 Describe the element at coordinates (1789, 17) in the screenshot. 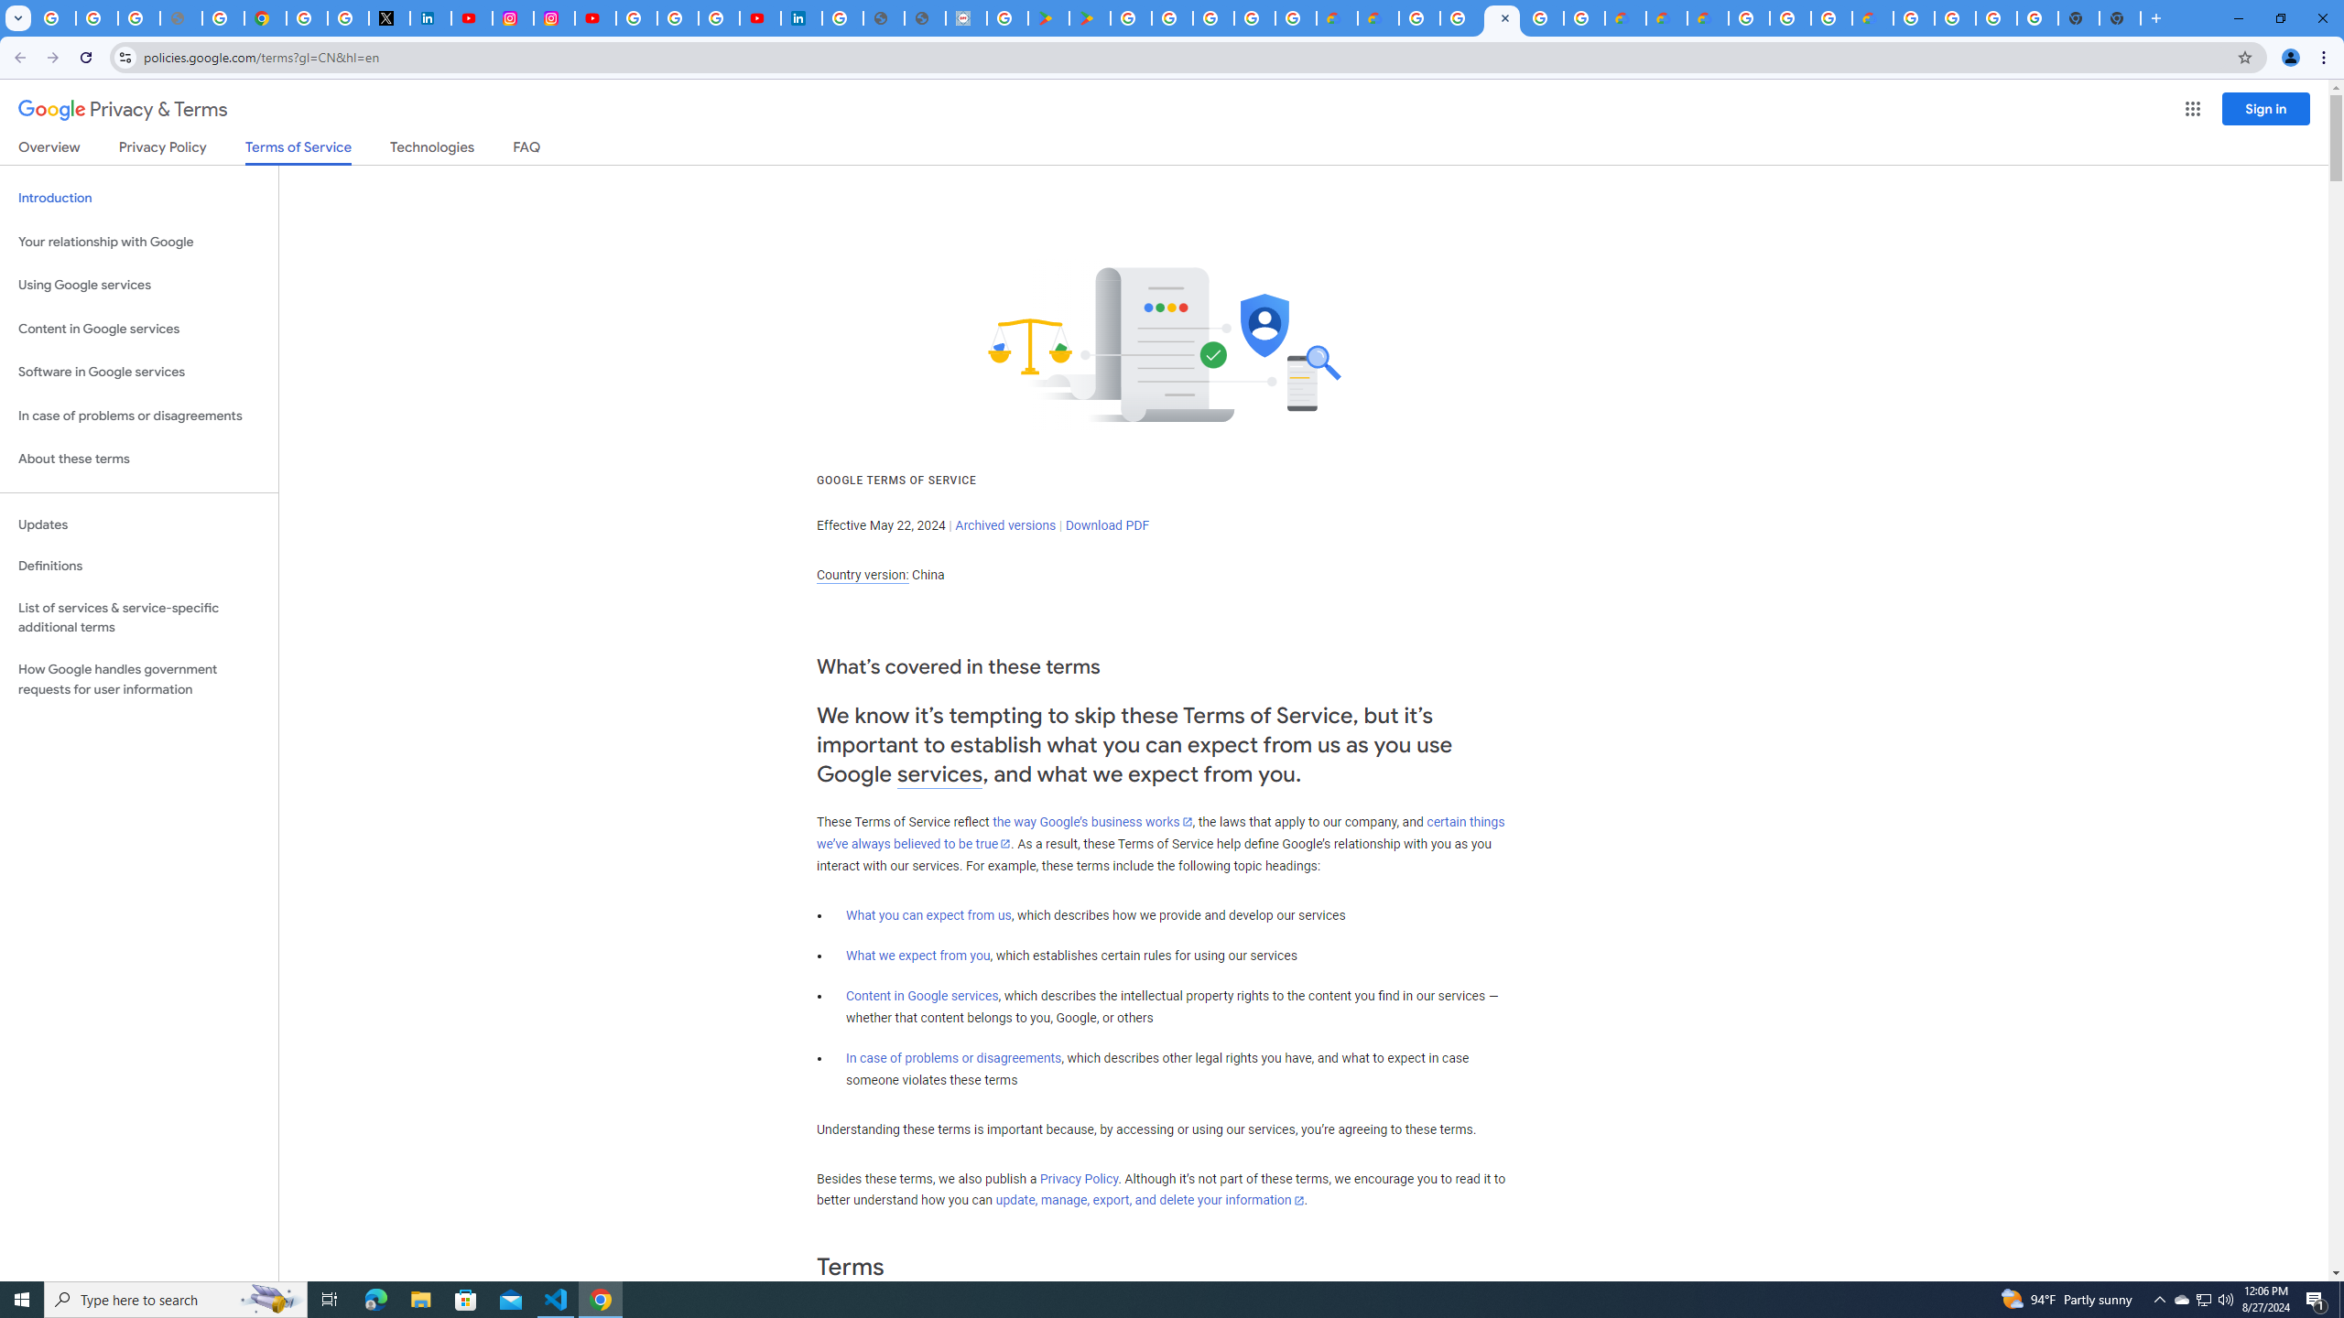

I see `'Browse Chrome as a guest - Computer - Google Chrome Help'` at that location.